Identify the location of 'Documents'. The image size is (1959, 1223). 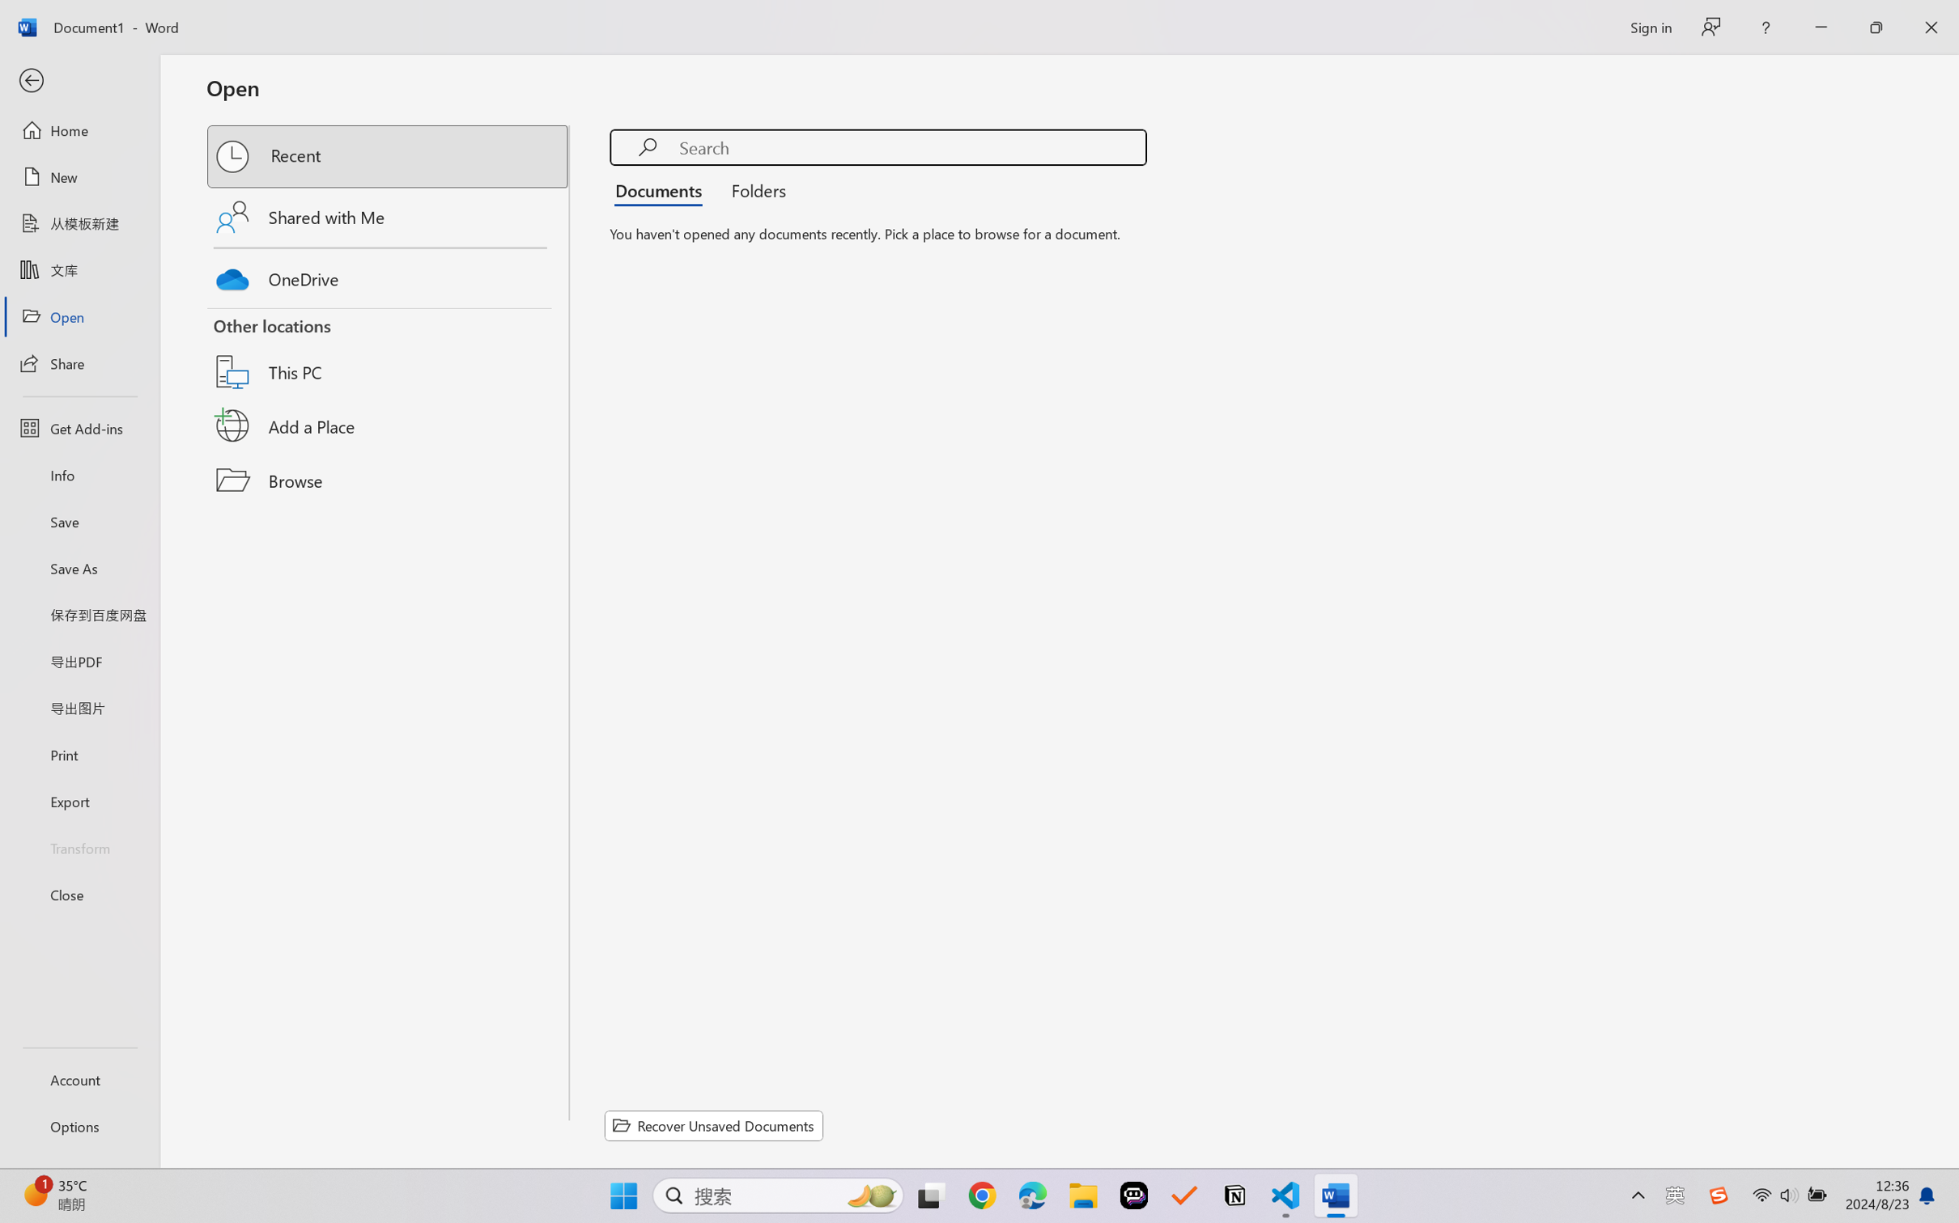
(662, 188).